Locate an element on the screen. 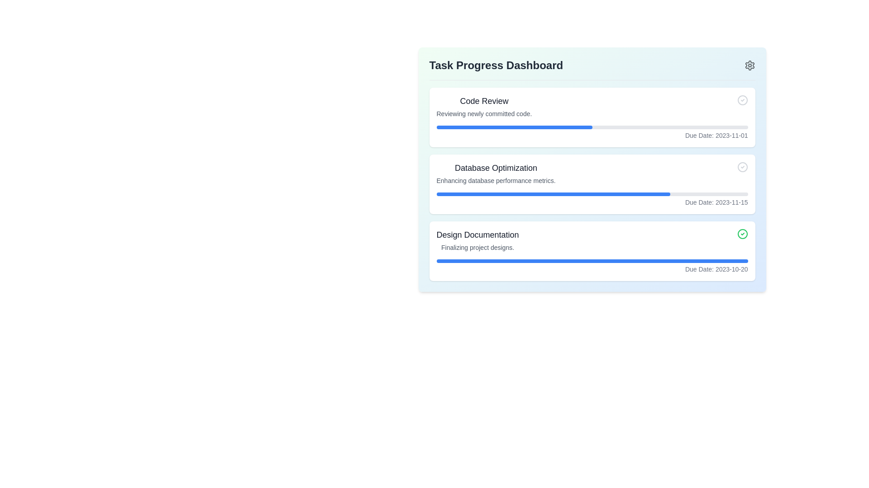  the text label element that serves as the title for the task card labeled 'Code Review', which is located at the top of the card in the task dashboard is located at coordinates (484, 101).